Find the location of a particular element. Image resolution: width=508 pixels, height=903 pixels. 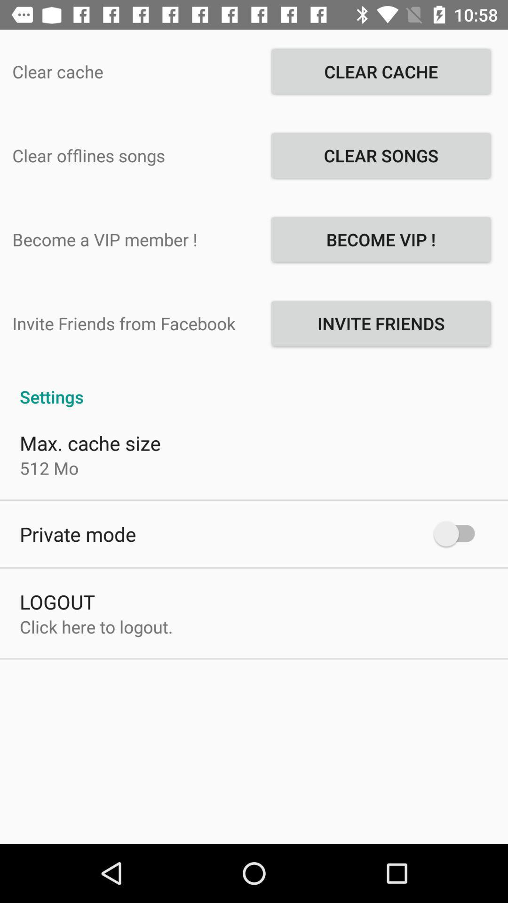

the app above logout app is located at coordinates (77, 534).